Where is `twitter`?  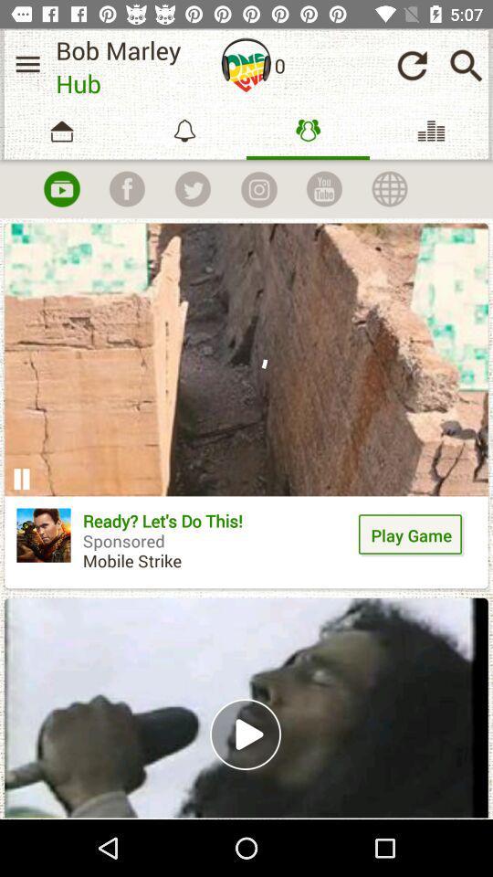 twitter is located at coordinates (192, 189).